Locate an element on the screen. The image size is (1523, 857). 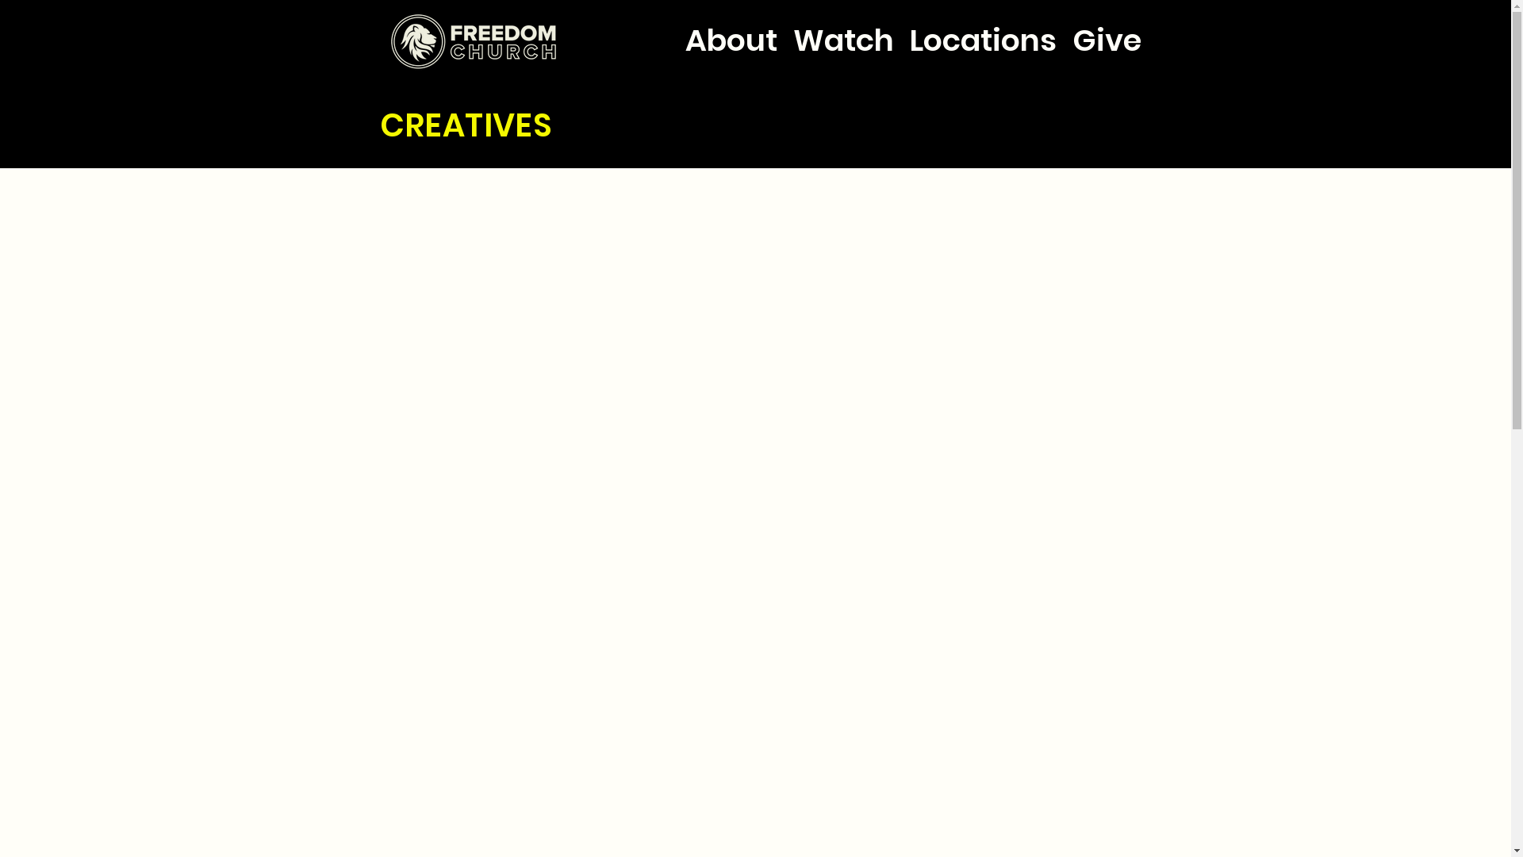
'About' is located at coordinates (730, 26).